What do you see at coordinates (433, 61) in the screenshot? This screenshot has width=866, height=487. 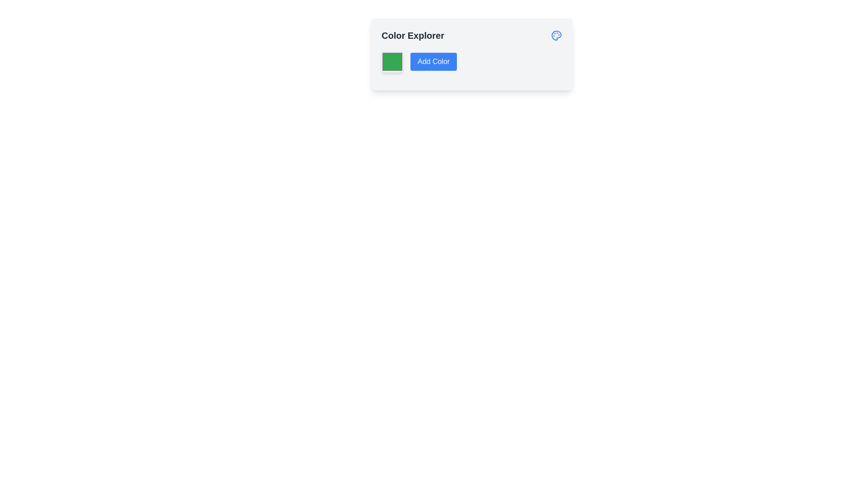 I see `the second button in the 'Color Explorer' section` at bounding box center [433, 61].